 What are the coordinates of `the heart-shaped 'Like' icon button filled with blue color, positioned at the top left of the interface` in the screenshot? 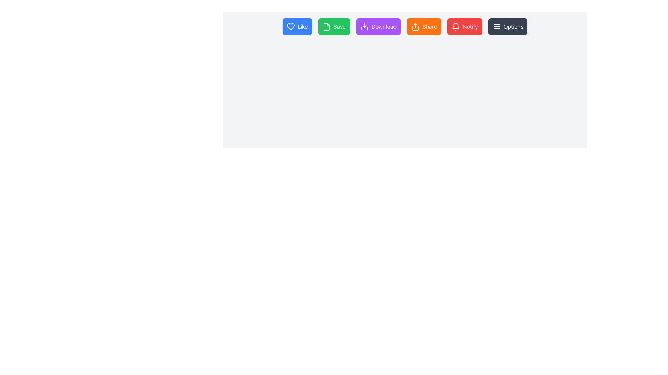 It's located at (291, 26).